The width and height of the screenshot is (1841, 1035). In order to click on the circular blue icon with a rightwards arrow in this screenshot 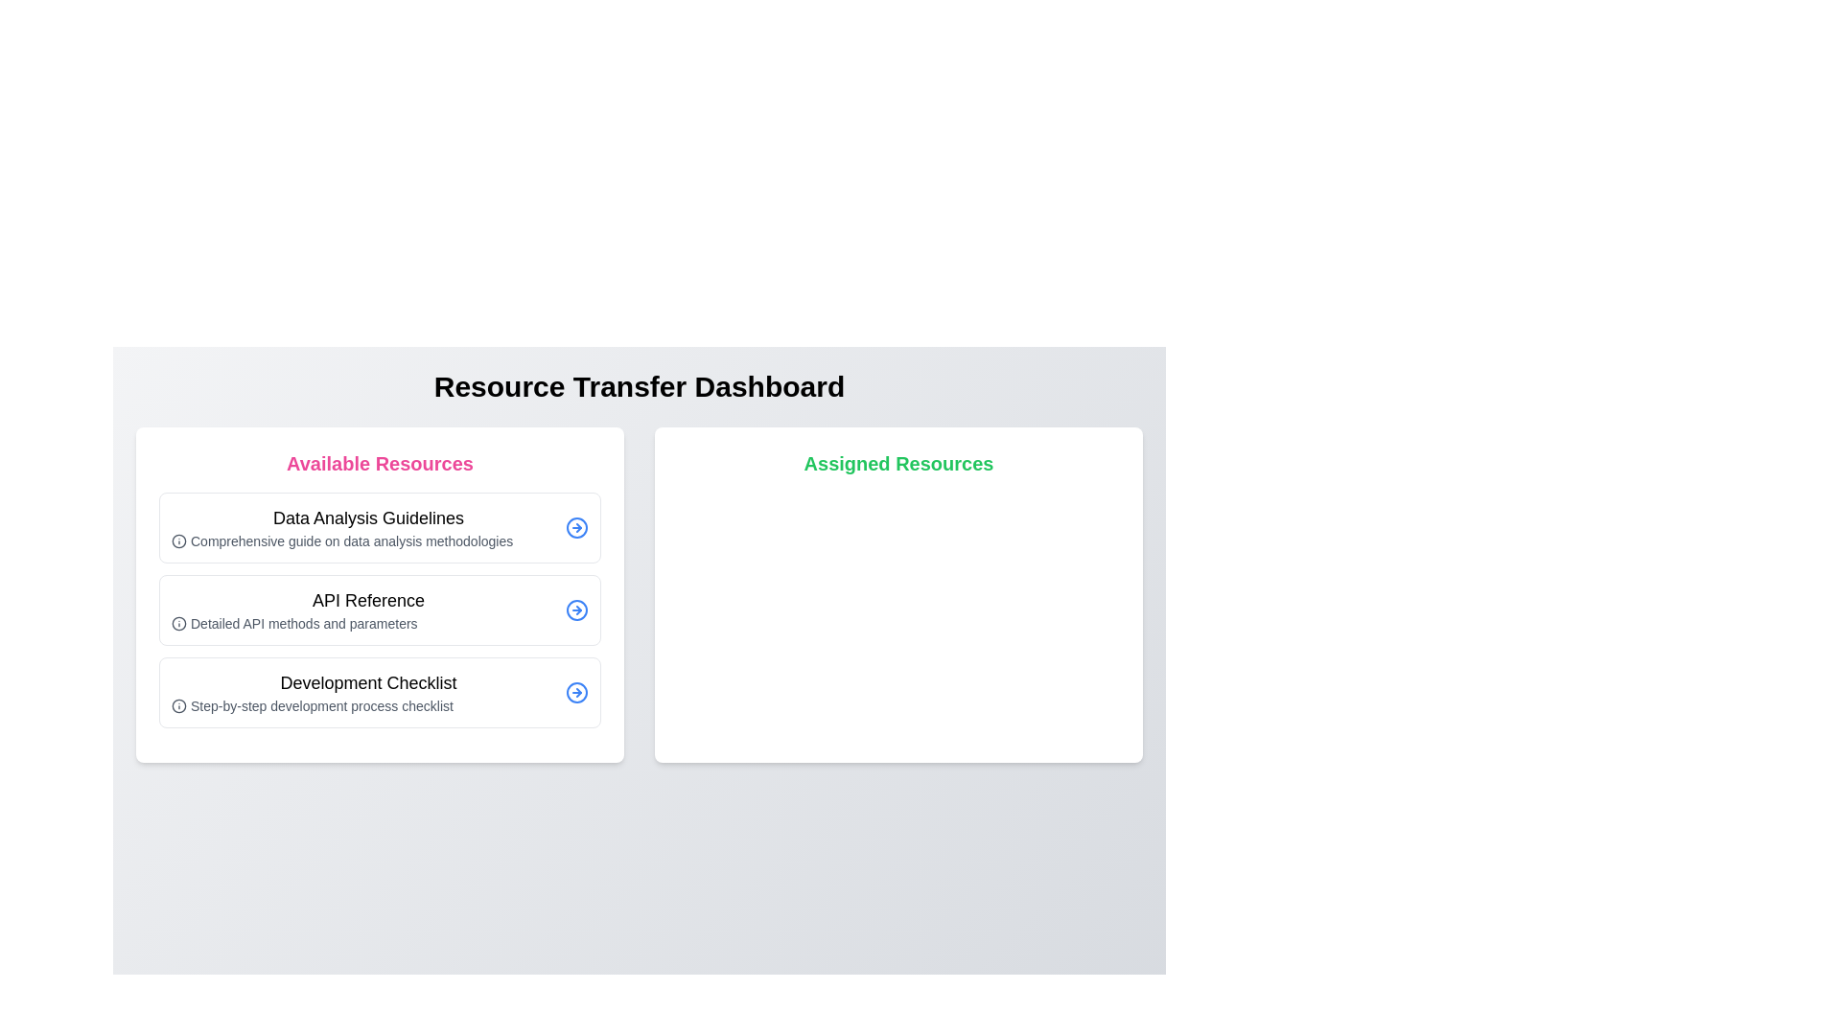, I will do `click(575, 528)`.